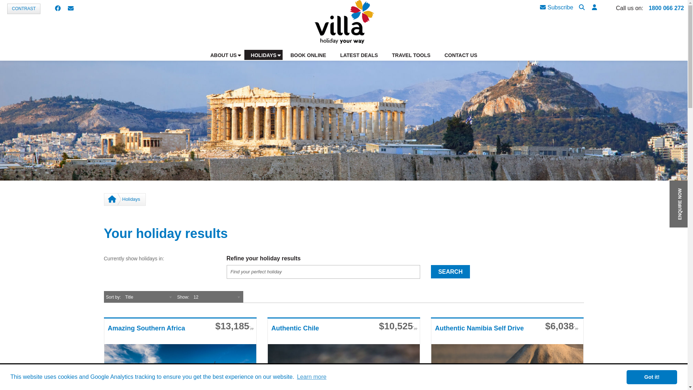 Image resolution: width=693 pixels, height=390 pixels. What do you see at coordinates (482, 334) in the screenshot?
I see `'Authentic Namibia Self Drive'` at bounding box center [482, 334].